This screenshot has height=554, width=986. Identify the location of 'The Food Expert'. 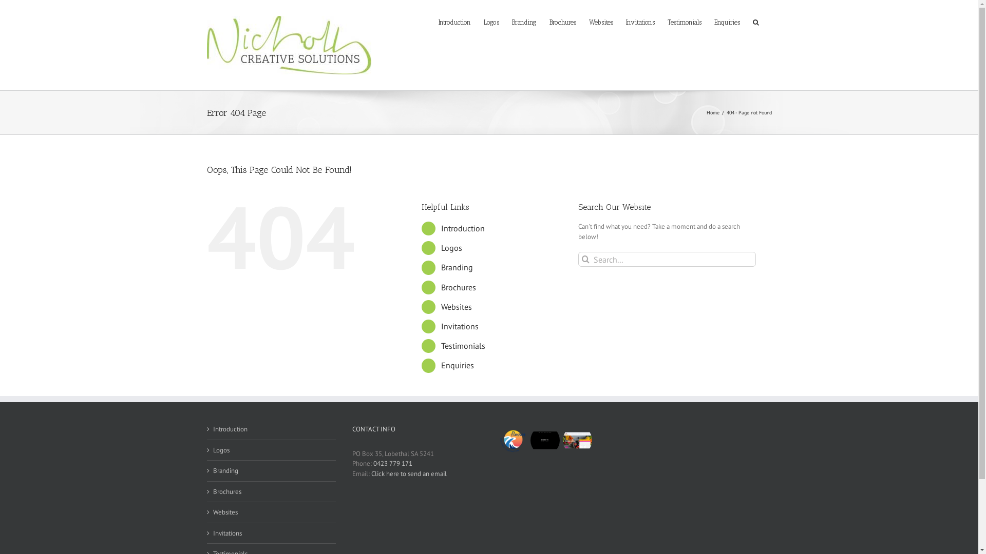
(577, 440).